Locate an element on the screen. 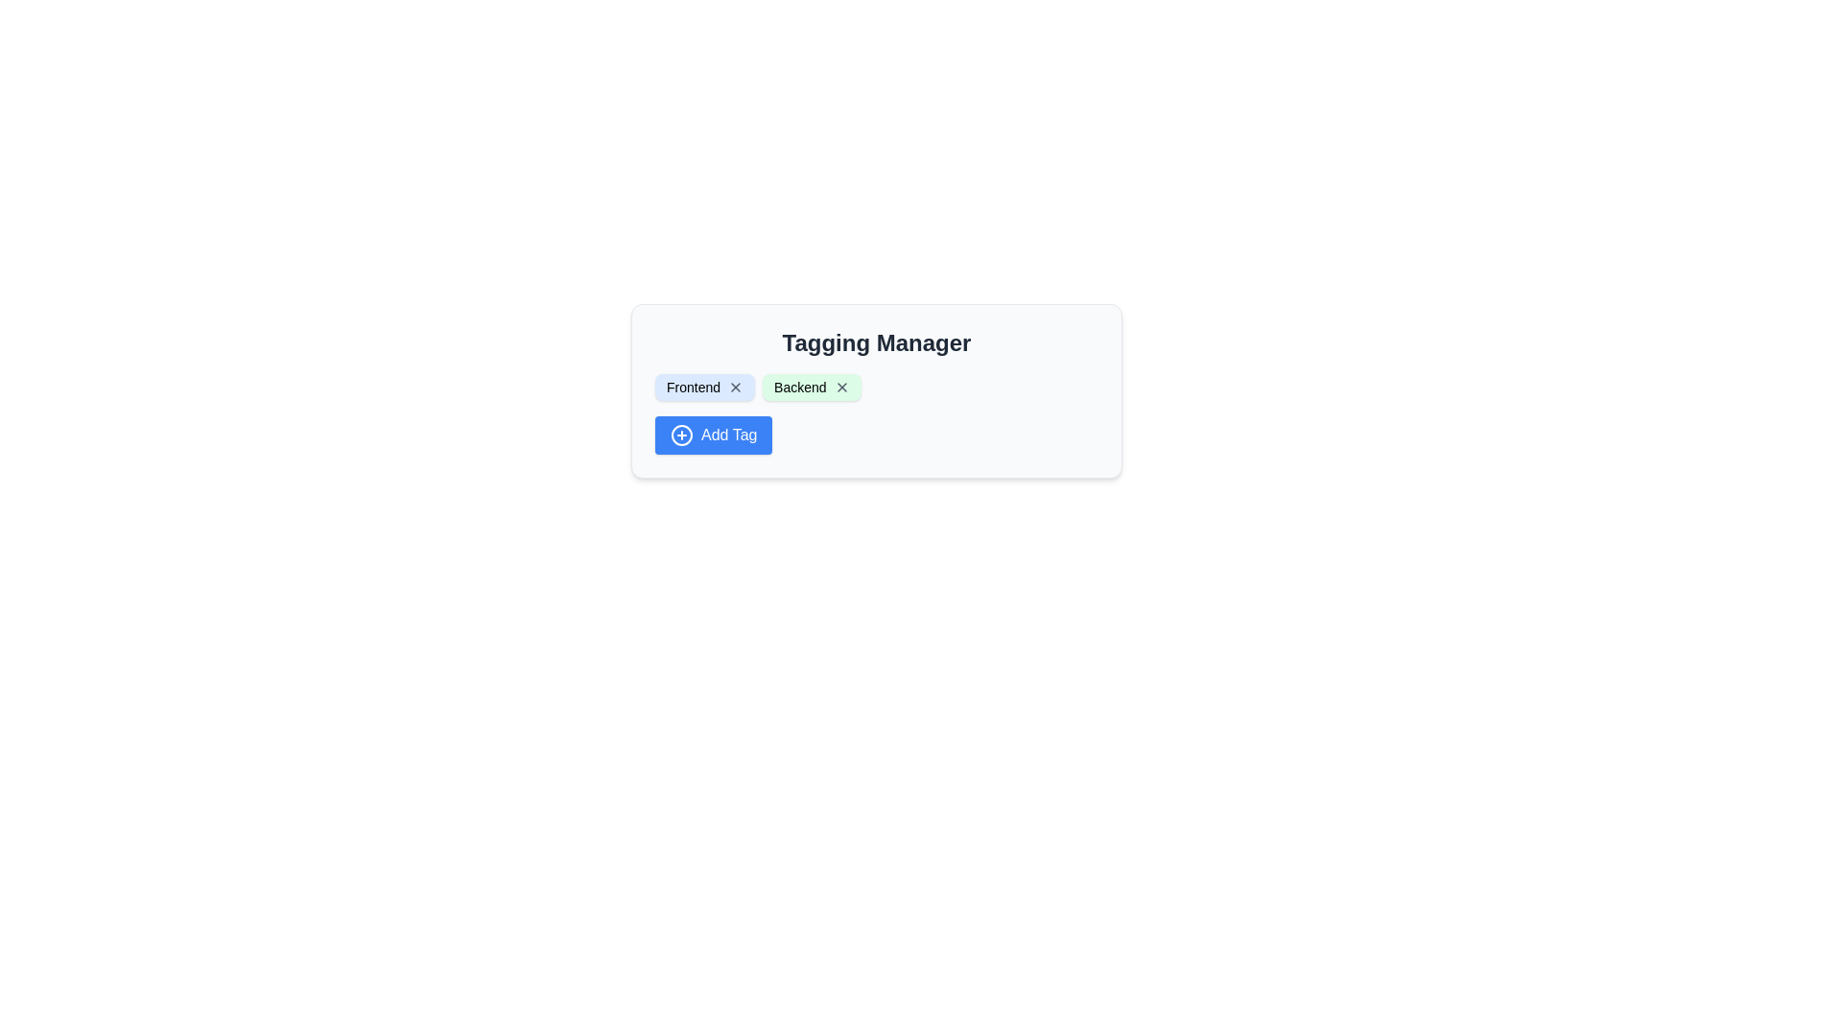  the blue stroke circular SVG element that is part of the 'Add Tag' icon, located near the bottom-left of the labeled blue button is located at coordinates (681, 436).